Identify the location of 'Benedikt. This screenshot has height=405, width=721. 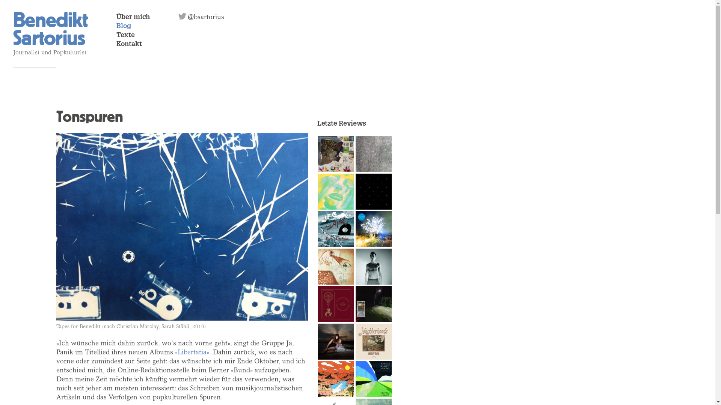
(50, 28).